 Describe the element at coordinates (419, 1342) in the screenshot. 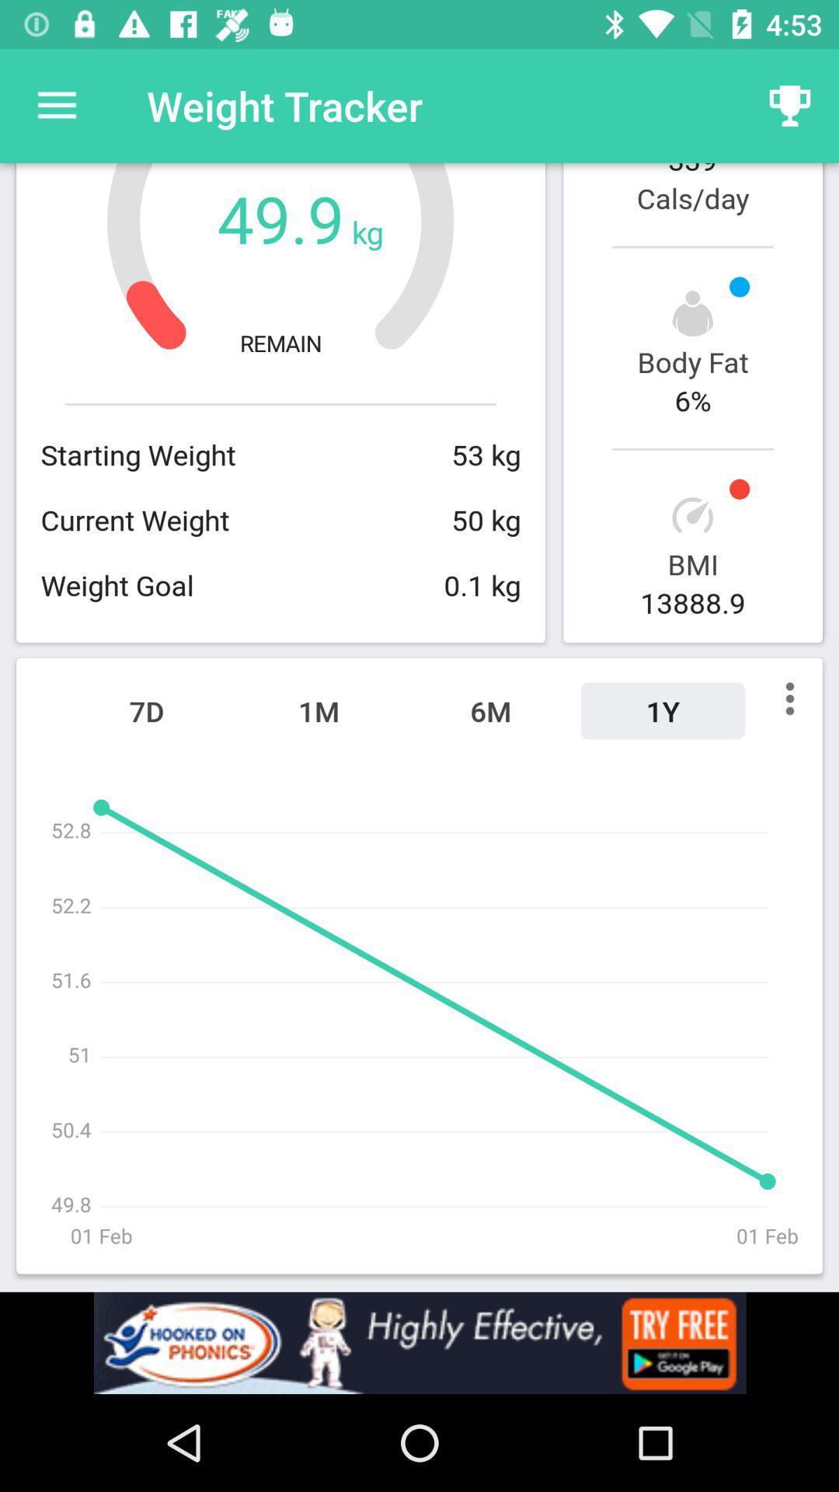

I see `its an advertisement` at that location.